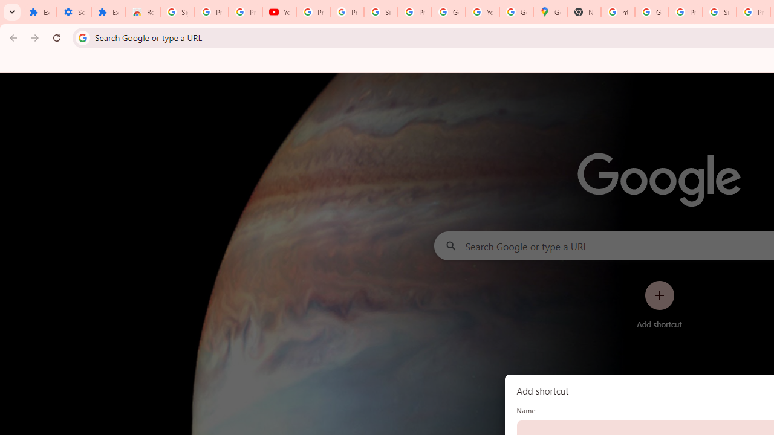 Image resolution: width=774 pixels, height=435 pixels. What do you see at coordinates (720, 12) in the screenshot?
I see `'Sign in - Google Accounts'` at bounding box center [720, 12].